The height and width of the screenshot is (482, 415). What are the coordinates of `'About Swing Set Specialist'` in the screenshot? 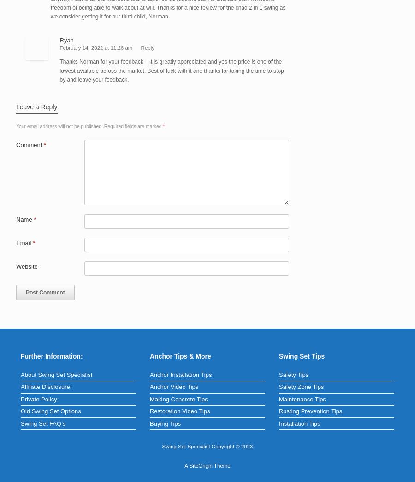 It's located at (56, 374).